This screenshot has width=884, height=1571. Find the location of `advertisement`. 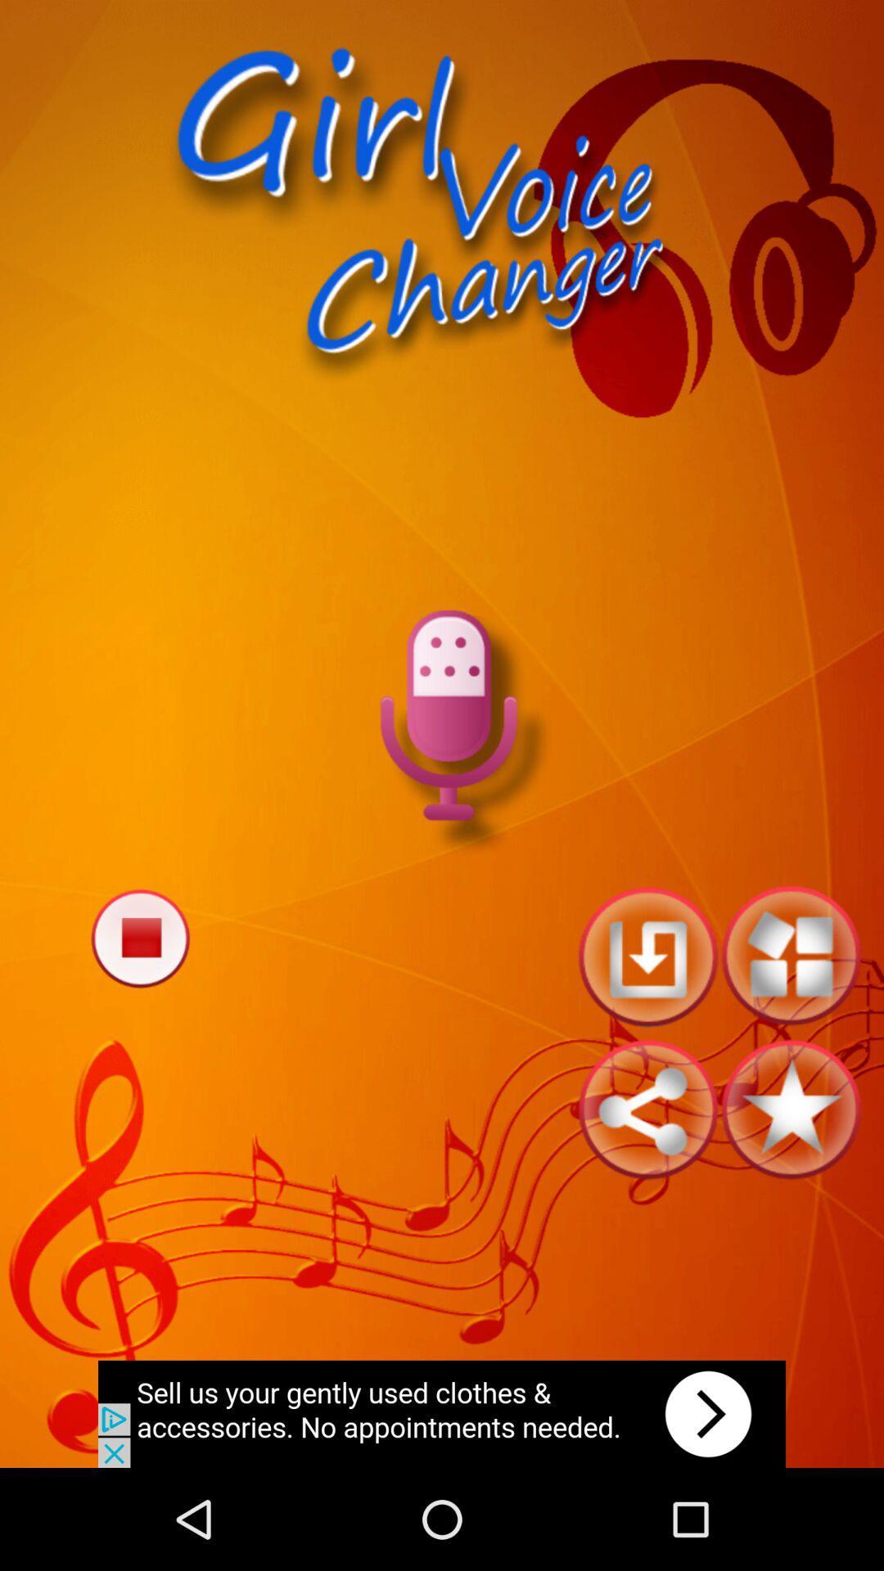

advertisement is located at coordinates (442, 1413).